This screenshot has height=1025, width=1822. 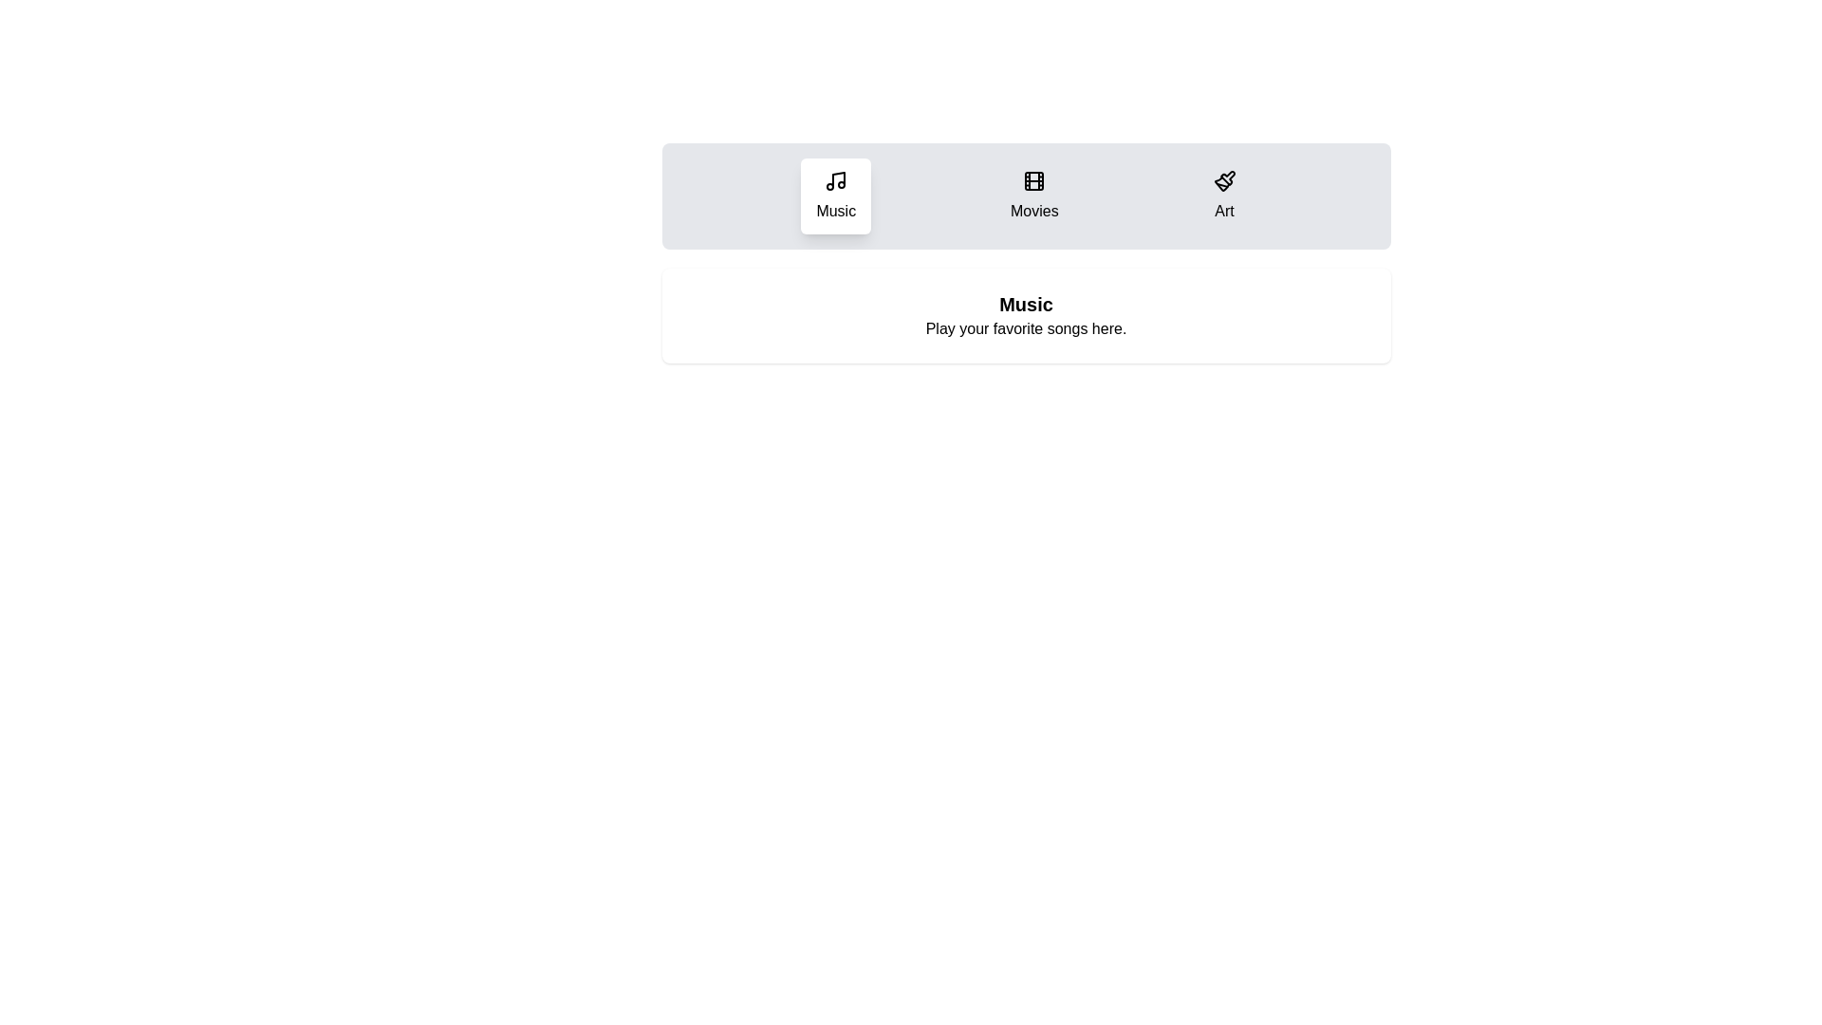 What do you see at coordinates (835, 196) in the screenshot?
I see `the Music tab to display its content` at bounding box center [835, 196].